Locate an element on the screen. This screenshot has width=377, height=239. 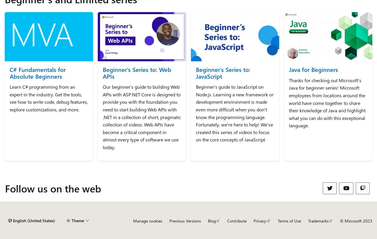
'Theme' is located at coordinates (71, 220).